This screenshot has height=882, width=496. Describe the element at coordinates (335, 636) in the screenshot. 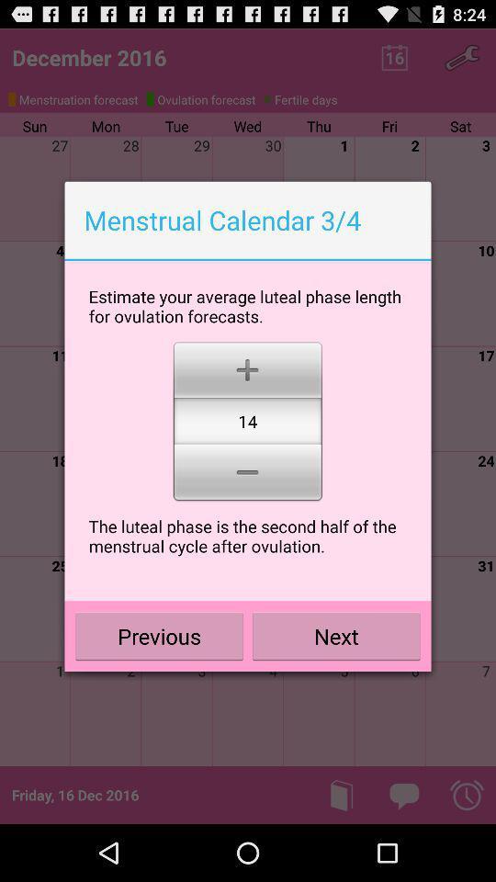

I see `next button` at that location.